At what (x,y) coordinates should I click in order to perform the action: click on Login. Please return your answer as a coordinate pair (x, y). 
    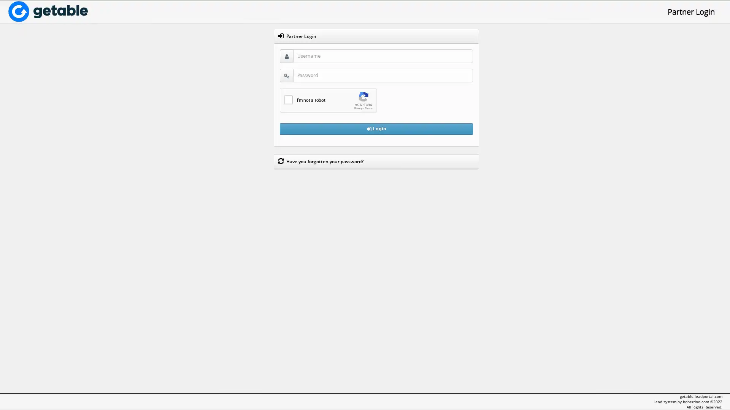
    Looking at the image, I should click on (376, 128).